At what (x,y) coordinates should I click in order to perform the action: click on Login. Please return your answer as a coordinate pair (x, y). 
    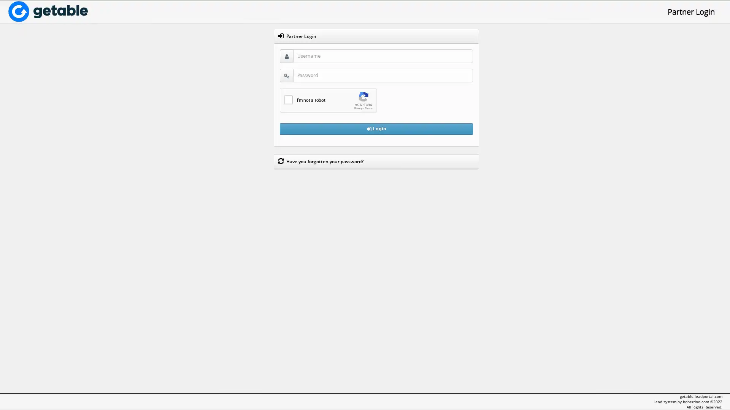
    Looking at the image, I should click on (376, 128).